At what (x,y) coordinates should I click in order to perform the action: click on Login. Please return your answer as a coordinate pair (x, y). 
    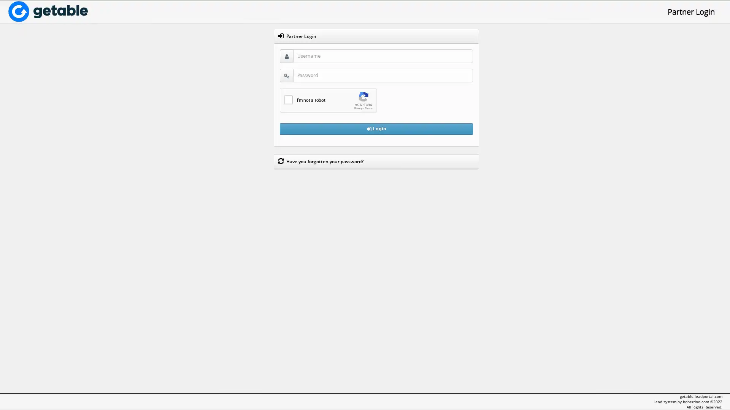
    Looking at the image, I should click on (376, 128).